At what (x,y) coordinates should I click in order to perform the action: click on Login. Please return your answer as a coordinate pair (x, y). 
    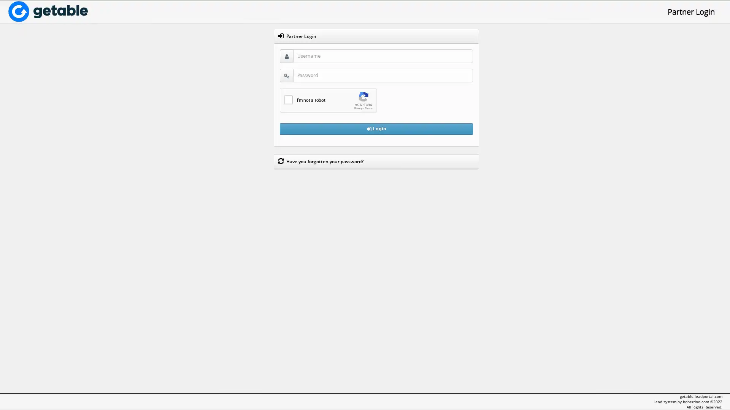
    Looking at the image, I should click on (376, 128).